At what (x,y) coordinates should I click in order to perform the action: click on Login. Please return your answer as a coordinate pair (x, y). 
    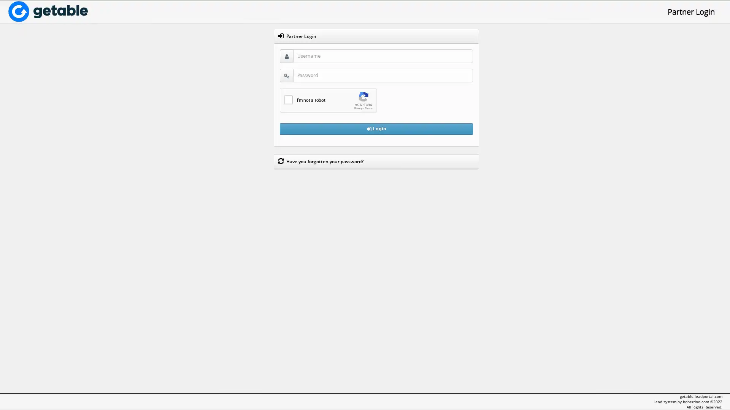
    Looking at the image, I should click on (376, 128).